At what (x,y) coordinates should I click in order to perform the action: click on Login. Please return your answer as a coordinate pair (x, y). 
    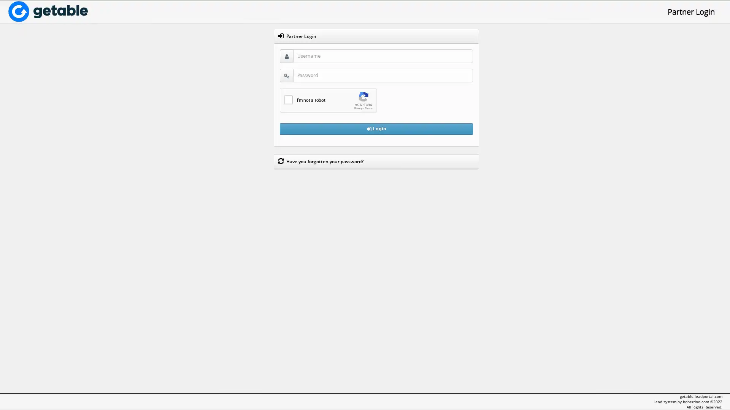
    Looking at the image, I should click on (376, 128).